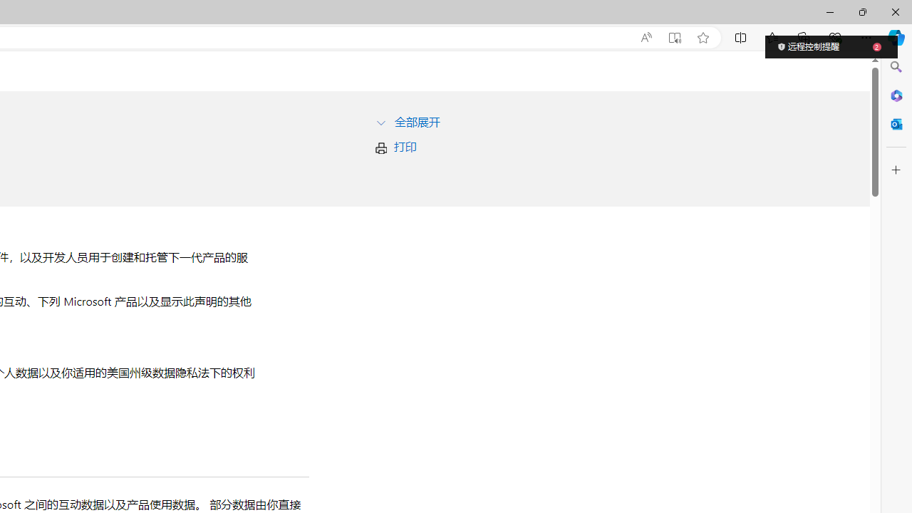 The width and height of the screenshot is (912, 513). Describe the element at coordinates (896, 170) in the screenshot. I see `'Customize'` at that location.